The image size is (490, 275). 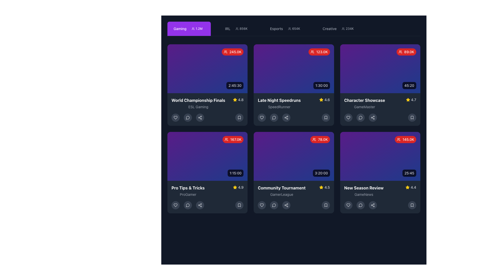 I want to click on the circular button with a dark gray background and white bookmark icon located at the bottom-right corner of the 'New Season Review' card, so click(x=412, y=205).